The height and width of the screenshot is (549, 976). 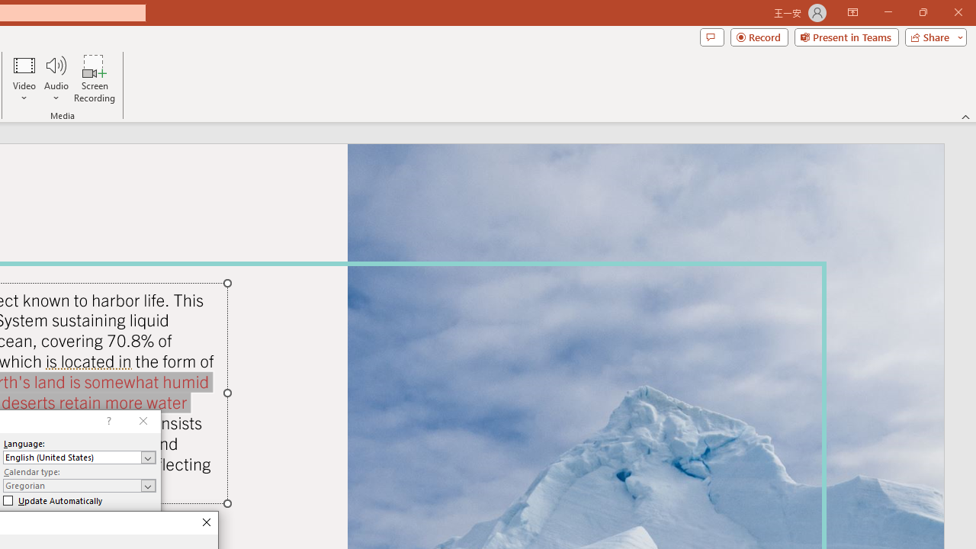 I want to click on 'Context help', so click(x=107, y=421).